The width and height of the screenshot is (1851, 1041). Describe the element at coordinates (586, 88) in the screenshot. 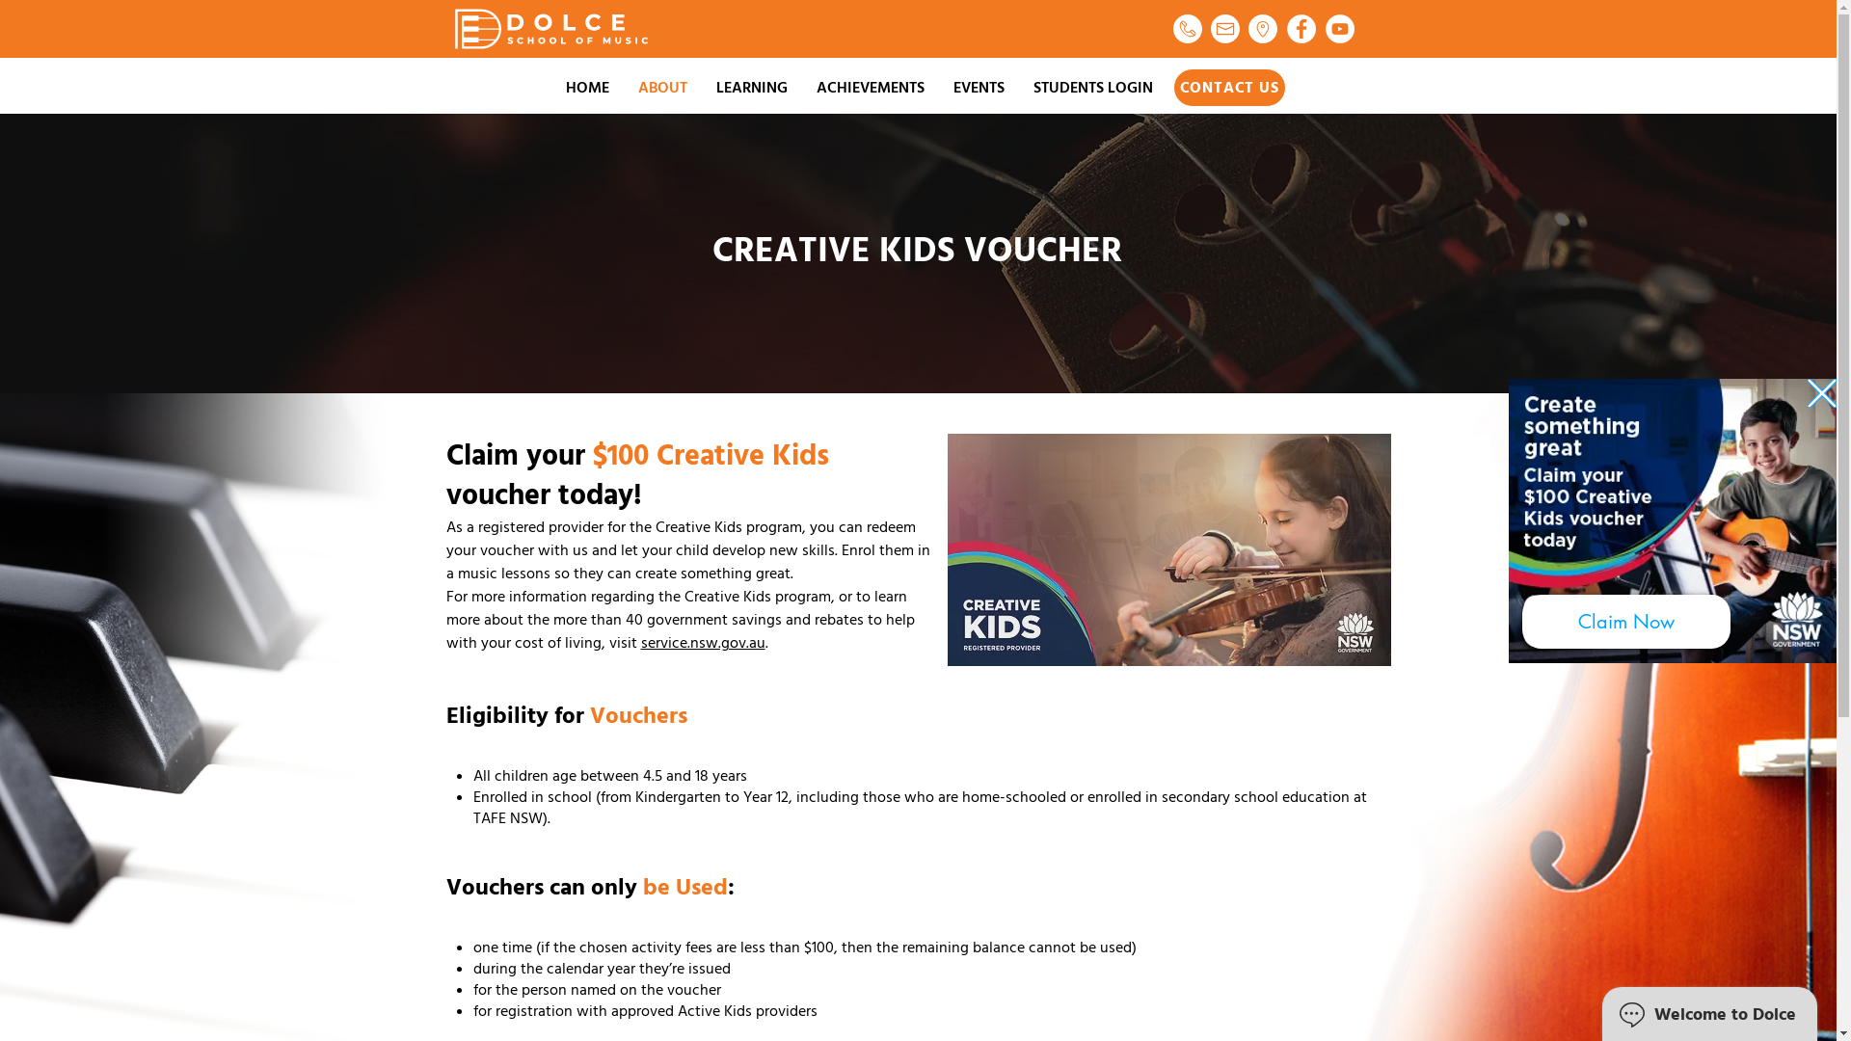

I see `'HOME'` at that location.